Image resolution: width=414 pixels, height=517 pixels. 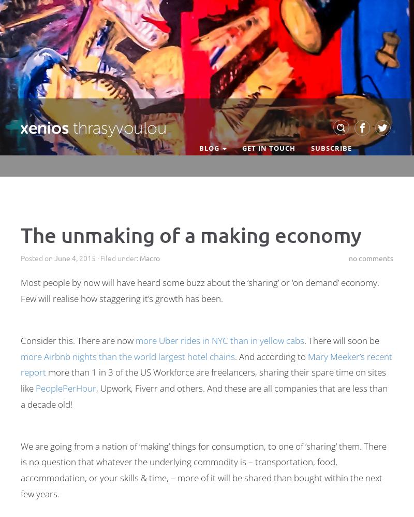 What do you see at coordinates (127, 355) in the screenshot?
I see `'more Airbnb nights than the world largest hotel chains'` at bounding box center [127, 355].